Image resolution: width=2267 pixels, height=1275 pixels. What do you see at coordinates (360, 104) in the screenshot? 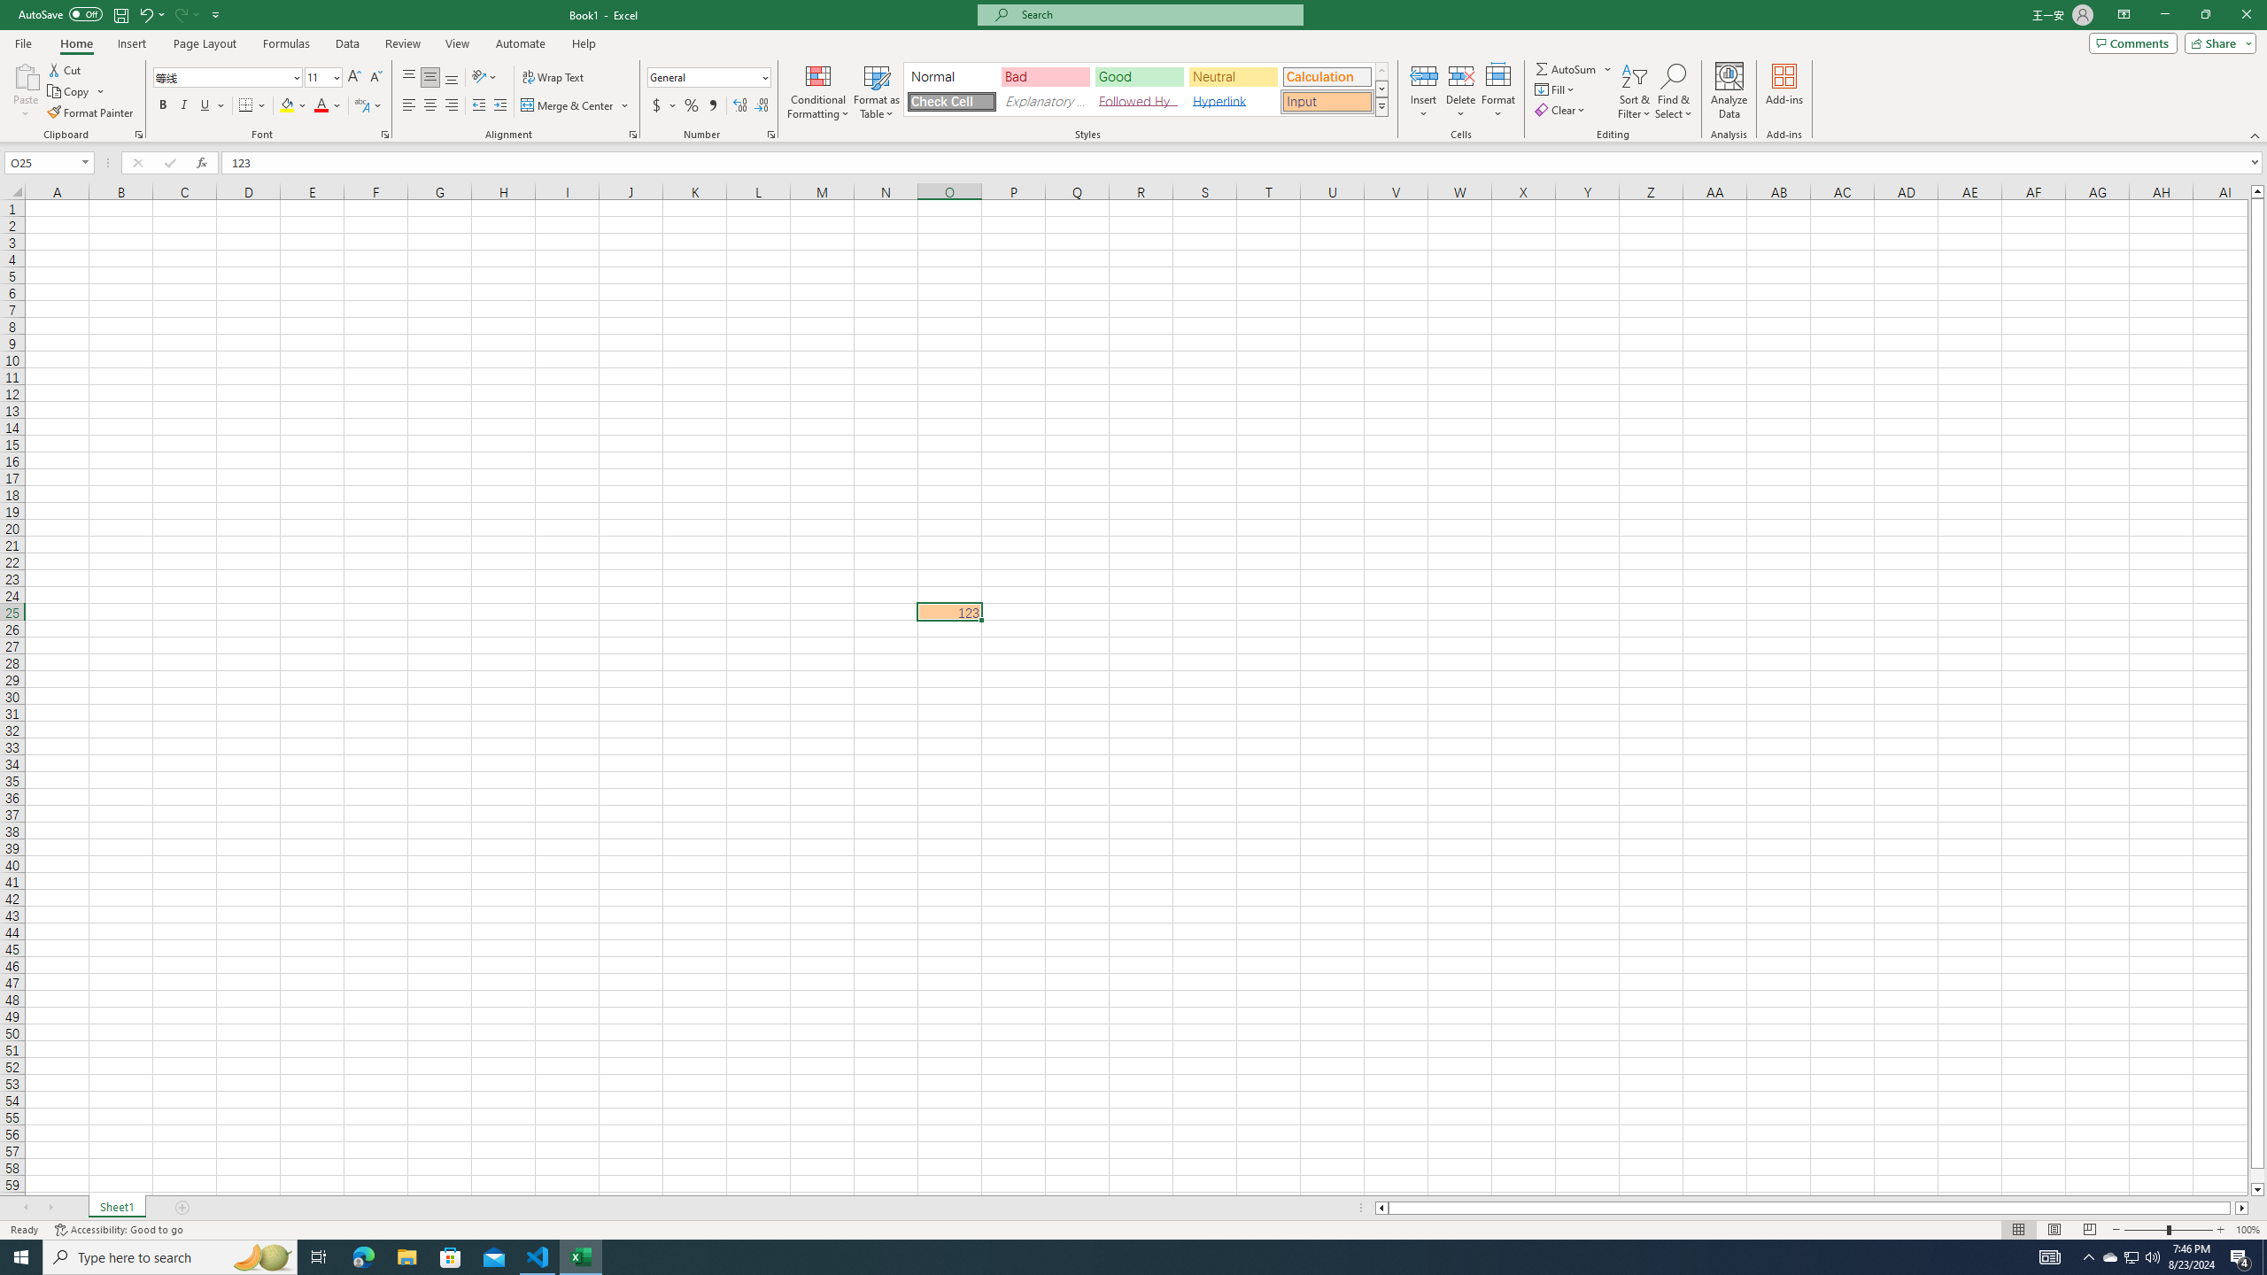
I see `'Show Phonetic Field'` at bounding box center [360, 104].